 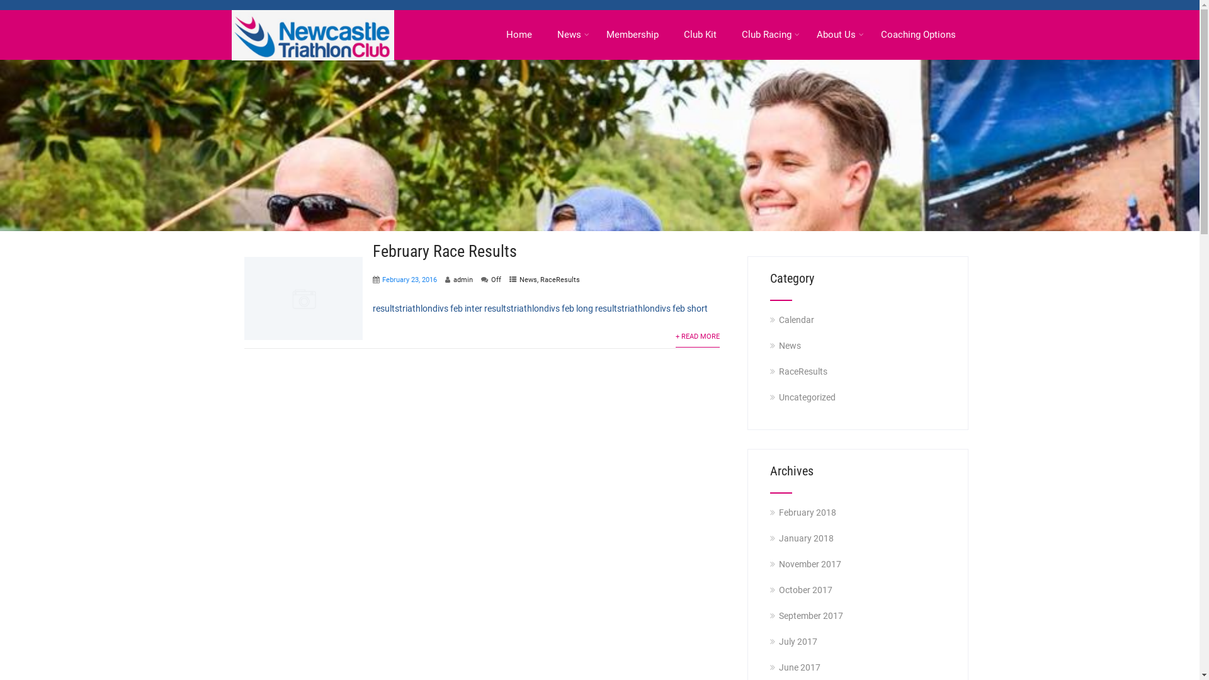 What do you see at coordinates (766, 34) in the screenshot?
I see `'Club Racing'` at bounding box center [766, 34].